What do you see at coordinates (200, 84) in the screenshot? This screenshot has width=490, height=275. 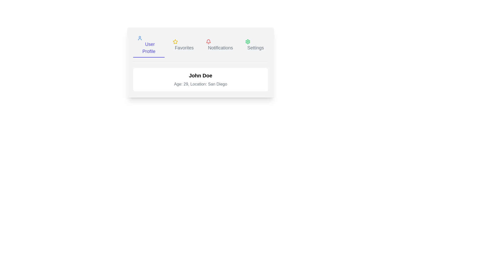 I see `the text element displaying the information 'Age: 29, Location: San Diego', which is positioned below the bold title 'John Doe' in the user profile section` at bounding box center [200, 84].